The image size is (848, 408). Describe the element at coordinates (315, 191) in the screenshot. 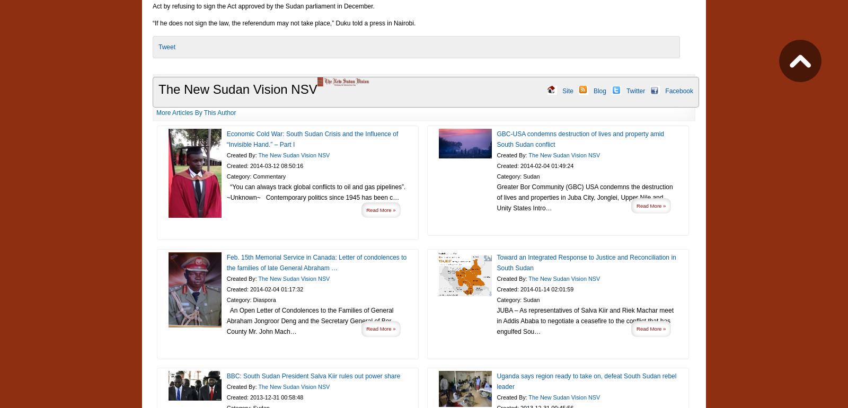

I see `'“You can always track global conflicts to oil and gas pipelines”. ~Unknown~
 
Contemporary politics since 1945 has been c…'` at that location.